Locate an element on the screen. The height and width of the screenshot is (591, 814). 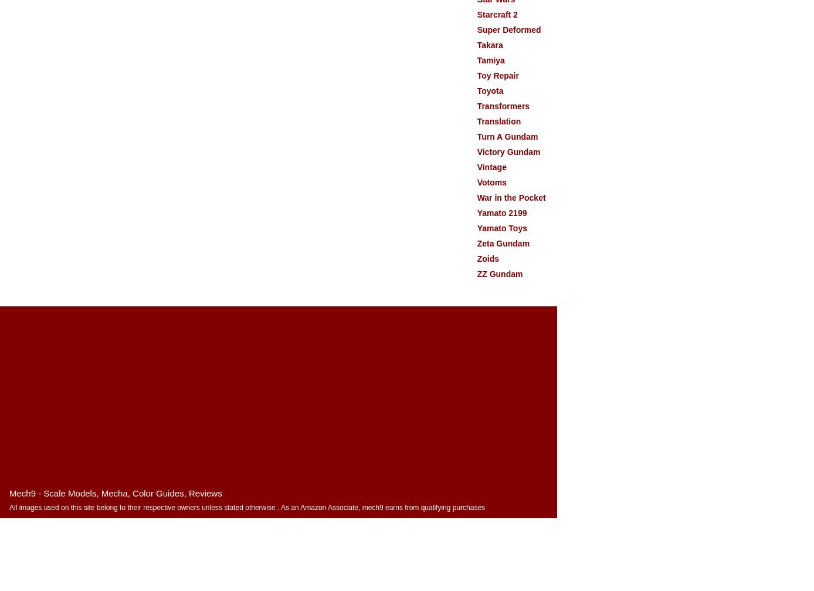
'Zeta Gundam' is located at coordinates (503, 243).